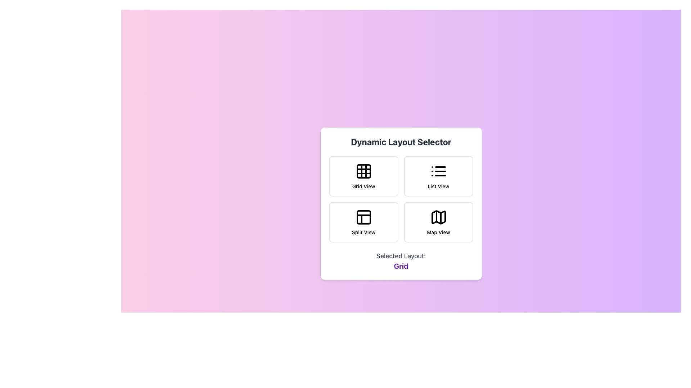 The height and width of the screenshot is (388, 691). What do you see at coordinates (363, 222) in the screenshot?
I see `the 'Split View' button located in the bottom left corner of the two-by-two grid under the 'Dynamic Layout Selector' heading` at bounding box center [363, 222].